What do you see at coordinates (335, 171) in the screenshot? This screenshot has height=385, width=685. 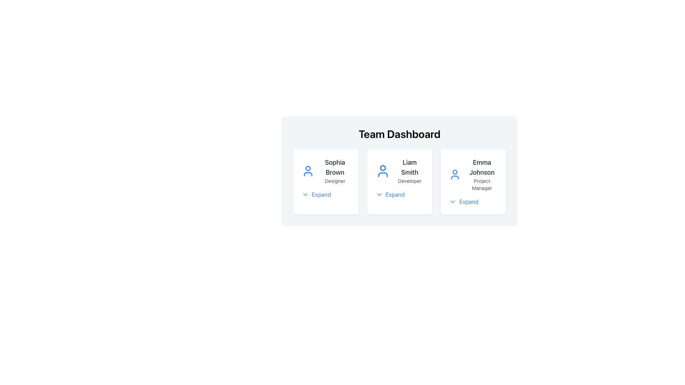 I see `text 'Sophia Brown' and 'Designer' displayed in the first card under the 'Team Dashboard' title, which has a white background and rounded corners` at bounding box center [335, 171].